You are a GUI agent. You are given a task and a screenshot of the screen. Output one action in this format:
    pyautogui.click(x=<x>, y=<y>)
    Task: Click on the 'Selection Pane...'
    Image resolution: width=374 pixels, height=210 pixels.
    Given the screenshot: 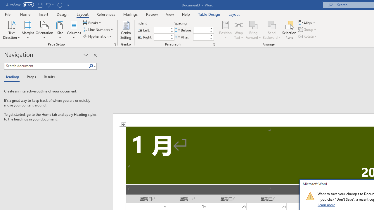 What is the action you would take?
    pyautogui.click(x=289, y=30)
    